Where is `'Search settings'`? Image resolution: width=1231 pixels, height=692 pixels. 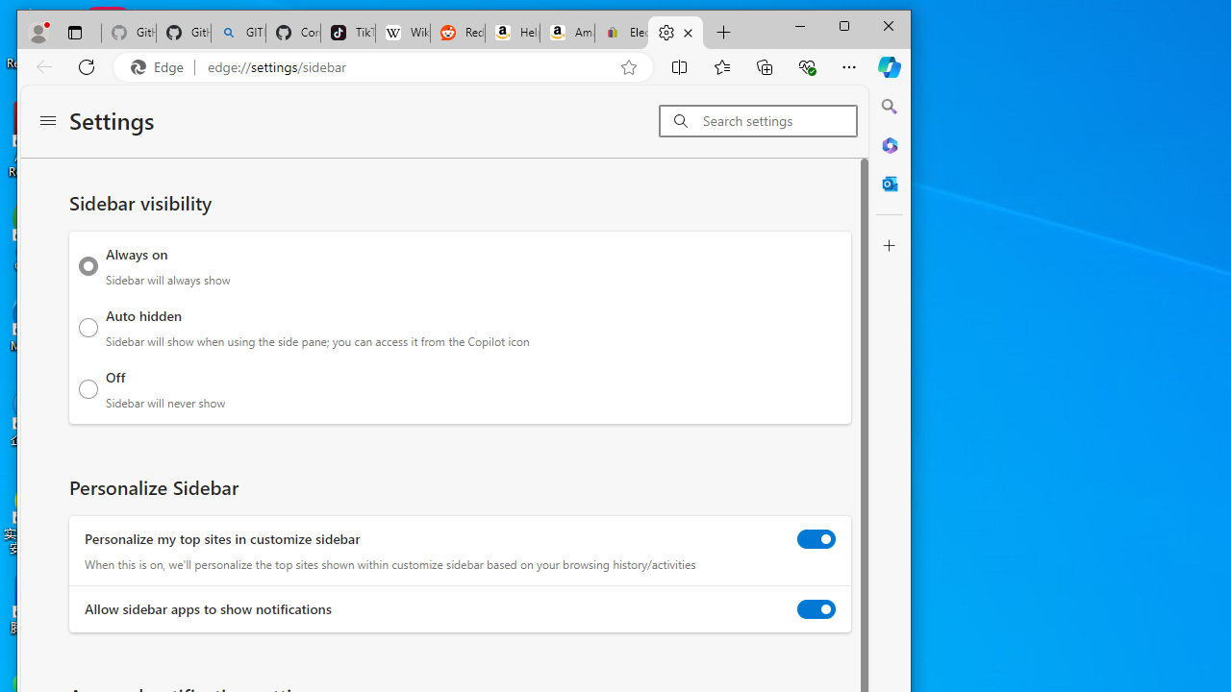
'Search settings' is located at coordinates (779, 120).